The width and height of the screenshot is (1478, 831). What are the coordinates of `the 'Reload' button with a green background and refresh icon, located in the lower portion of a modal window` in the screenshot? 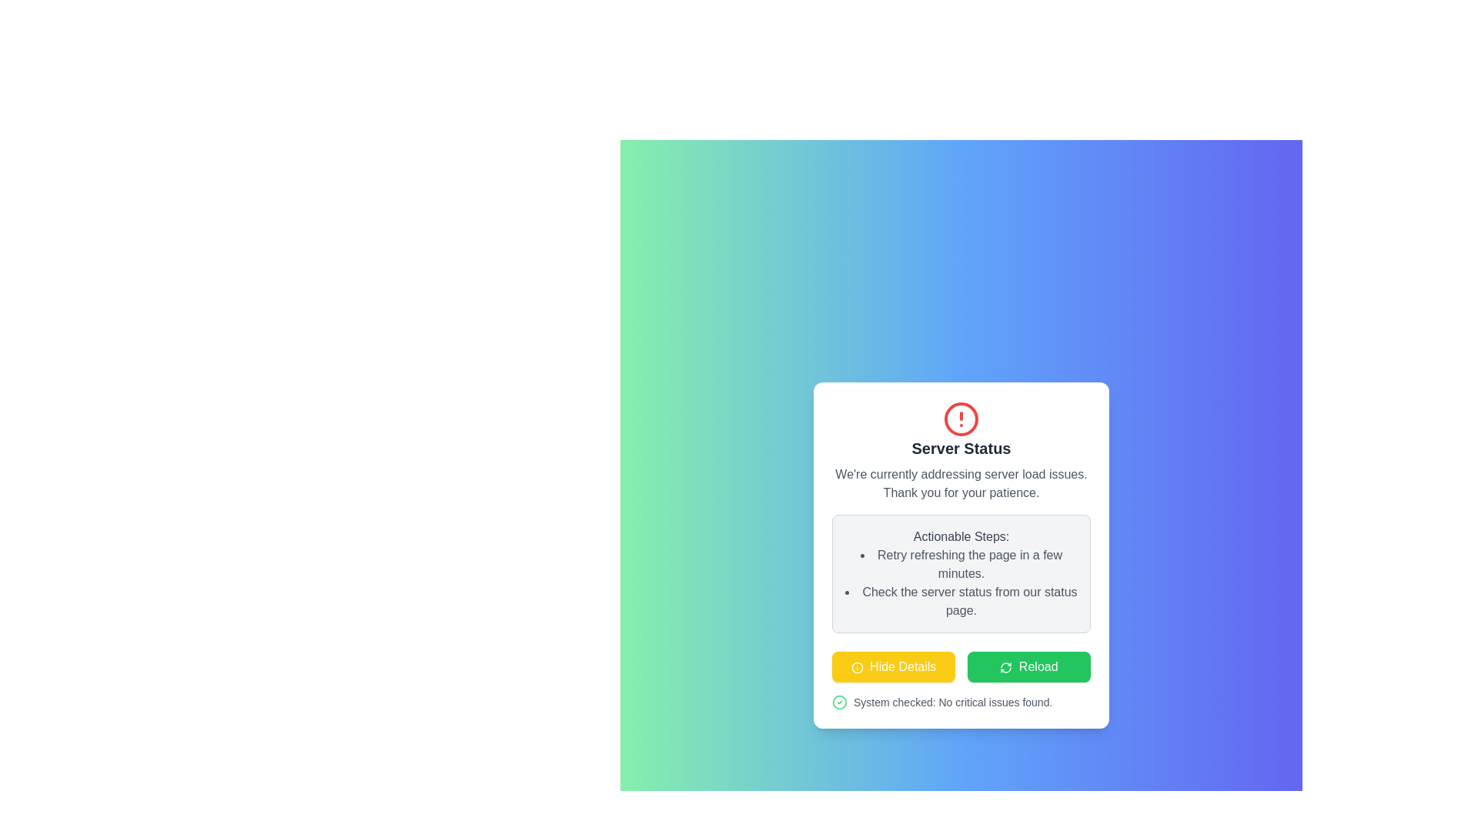 It's located at (1029, 666).